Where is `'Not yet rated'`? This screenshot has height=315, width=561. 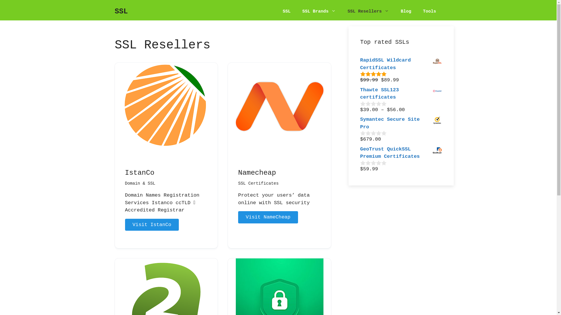 'Not yet rated' is located at coordinates (373, 103).